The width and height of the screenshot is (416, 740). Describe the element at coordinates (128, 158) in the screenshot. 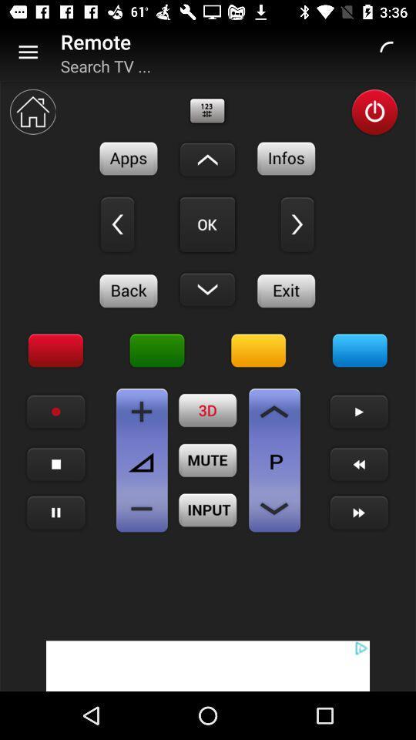

I see `applications button on remote` at that location.